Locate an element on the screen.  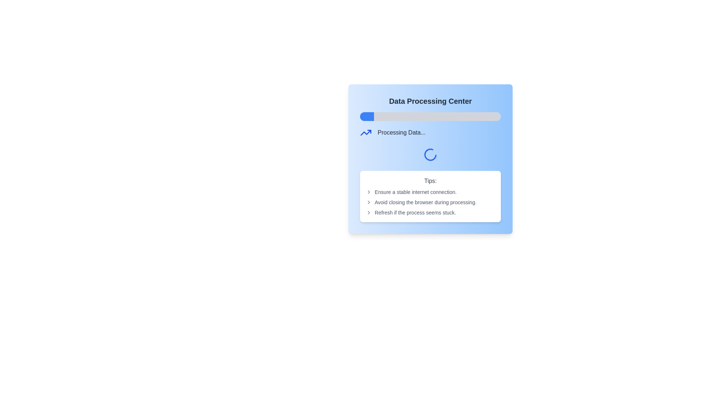
informative list item that instructs the user to ensure a stable internet connection, which is the first item in the vertical list under the heading 'Tips:' is located at coordinates (430, 192).